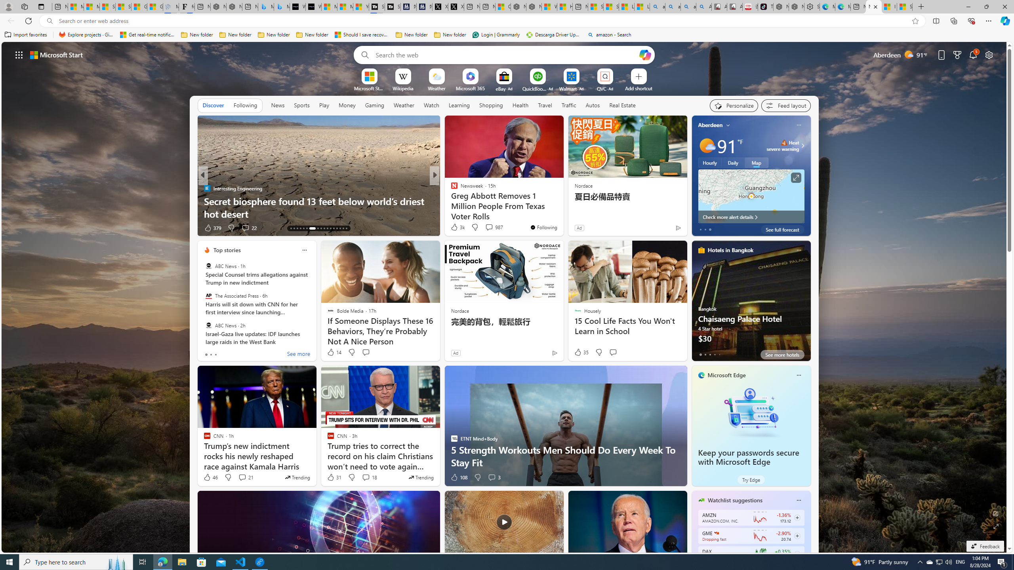 Image resolution: width=1014 pixels, height=570 pixels. What do you see at coordinates (751, 304) in the screenshot?
I see `'Chaisaeng Palace Hotel'` at bounding box center [751, 304].